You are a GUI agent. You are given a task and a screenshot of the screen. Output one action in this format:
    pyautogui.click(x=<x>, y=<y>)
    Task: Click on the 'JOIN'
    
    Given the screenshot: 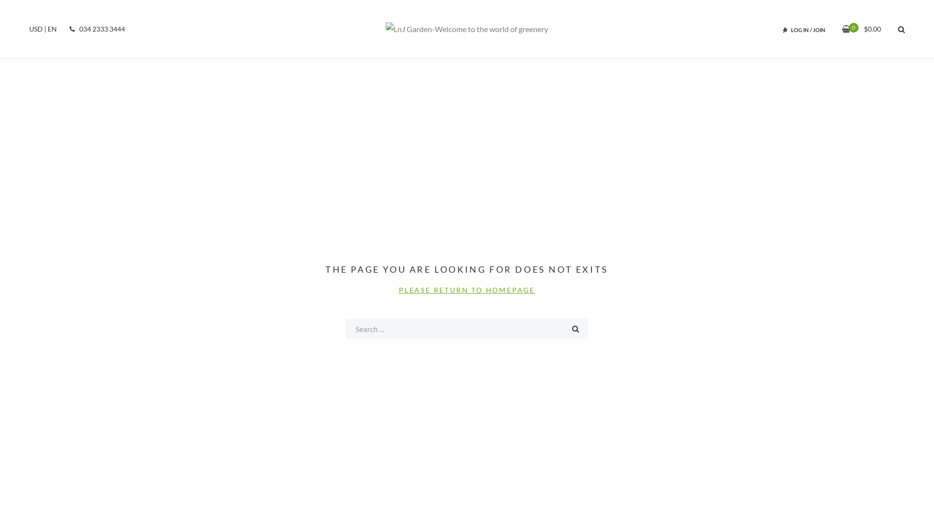 What is the action you would take?
    pyautogui.click(x=818, y=29)
    